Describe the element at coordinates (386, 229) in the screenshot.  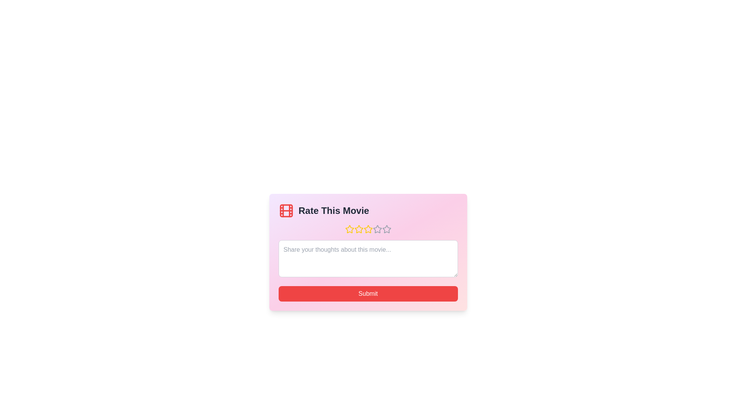
I see `the star representing 5 stars to preview the rating` at that location.